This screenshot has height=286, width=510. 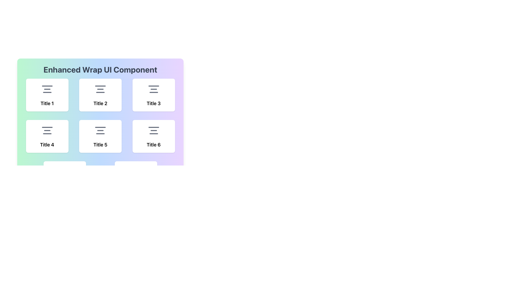 I want to click on graphical icon located above the 'Title 5' text, characterized by three horizontal lines of equal length in a muted gray color, by clicking on it, so click(x=100, y=131).